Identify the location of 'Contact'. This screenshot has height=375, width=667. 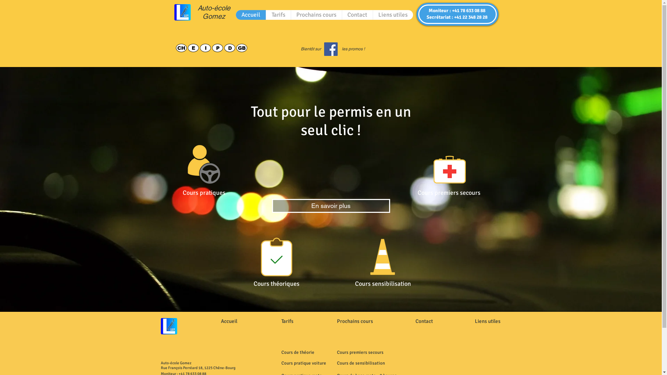
(357, 15).